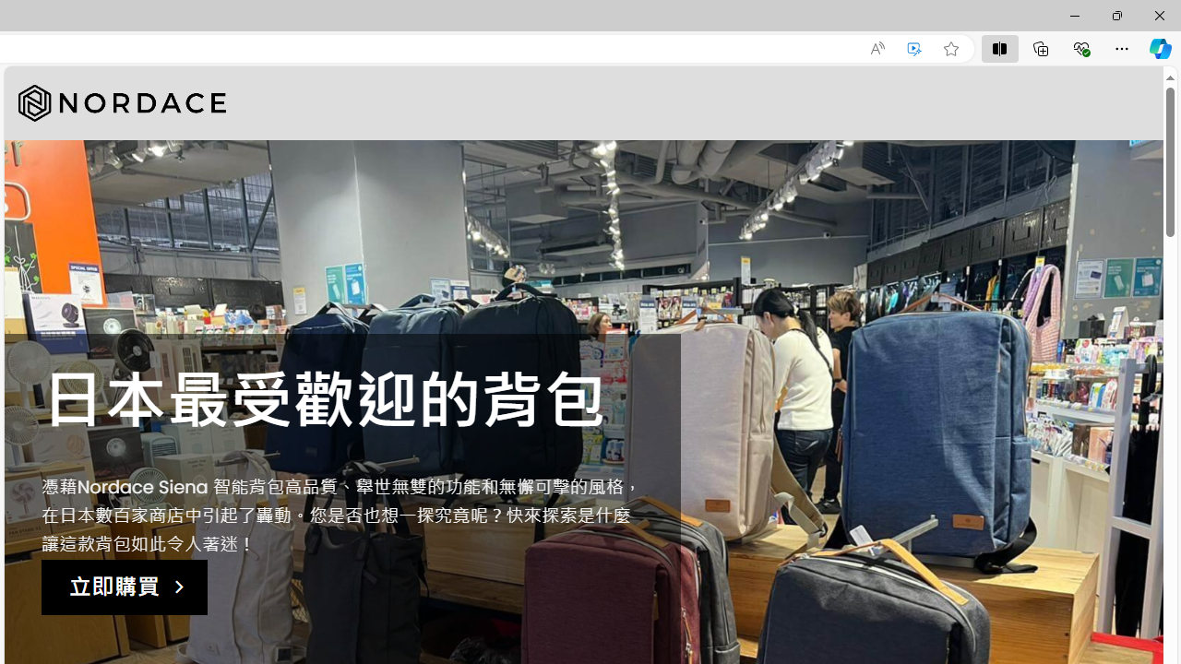 Image resolution: width=1181 pixels, height=664 pixels. What do you see at coordinates (951, 48) in the screenshot?
I see `'Add this page to favorites (Ctrl+D)'` at bounding box center [951, 48].